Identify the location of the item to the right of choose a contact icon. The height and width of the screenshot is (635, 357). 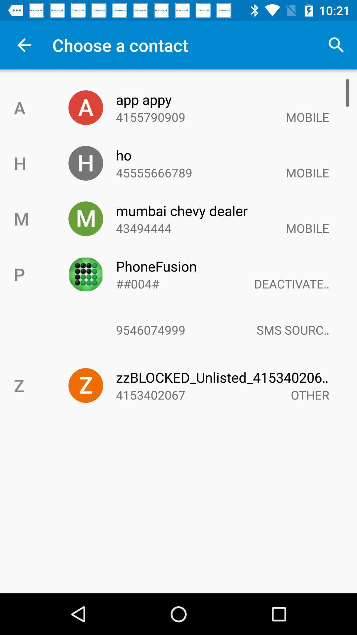
(336, 45).